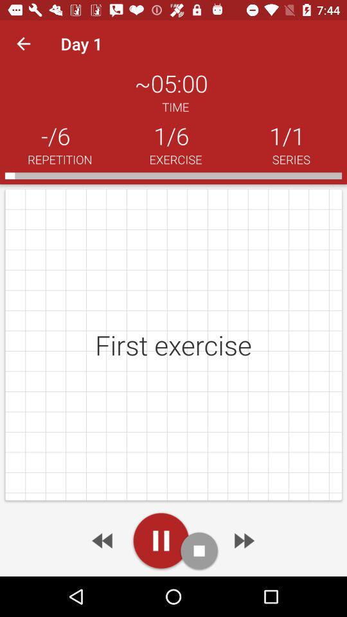 The image size is (347, 617). What do you see at coordinates (103, 540) in the screenshot?
I see `next` at bounding box center [103, 540].